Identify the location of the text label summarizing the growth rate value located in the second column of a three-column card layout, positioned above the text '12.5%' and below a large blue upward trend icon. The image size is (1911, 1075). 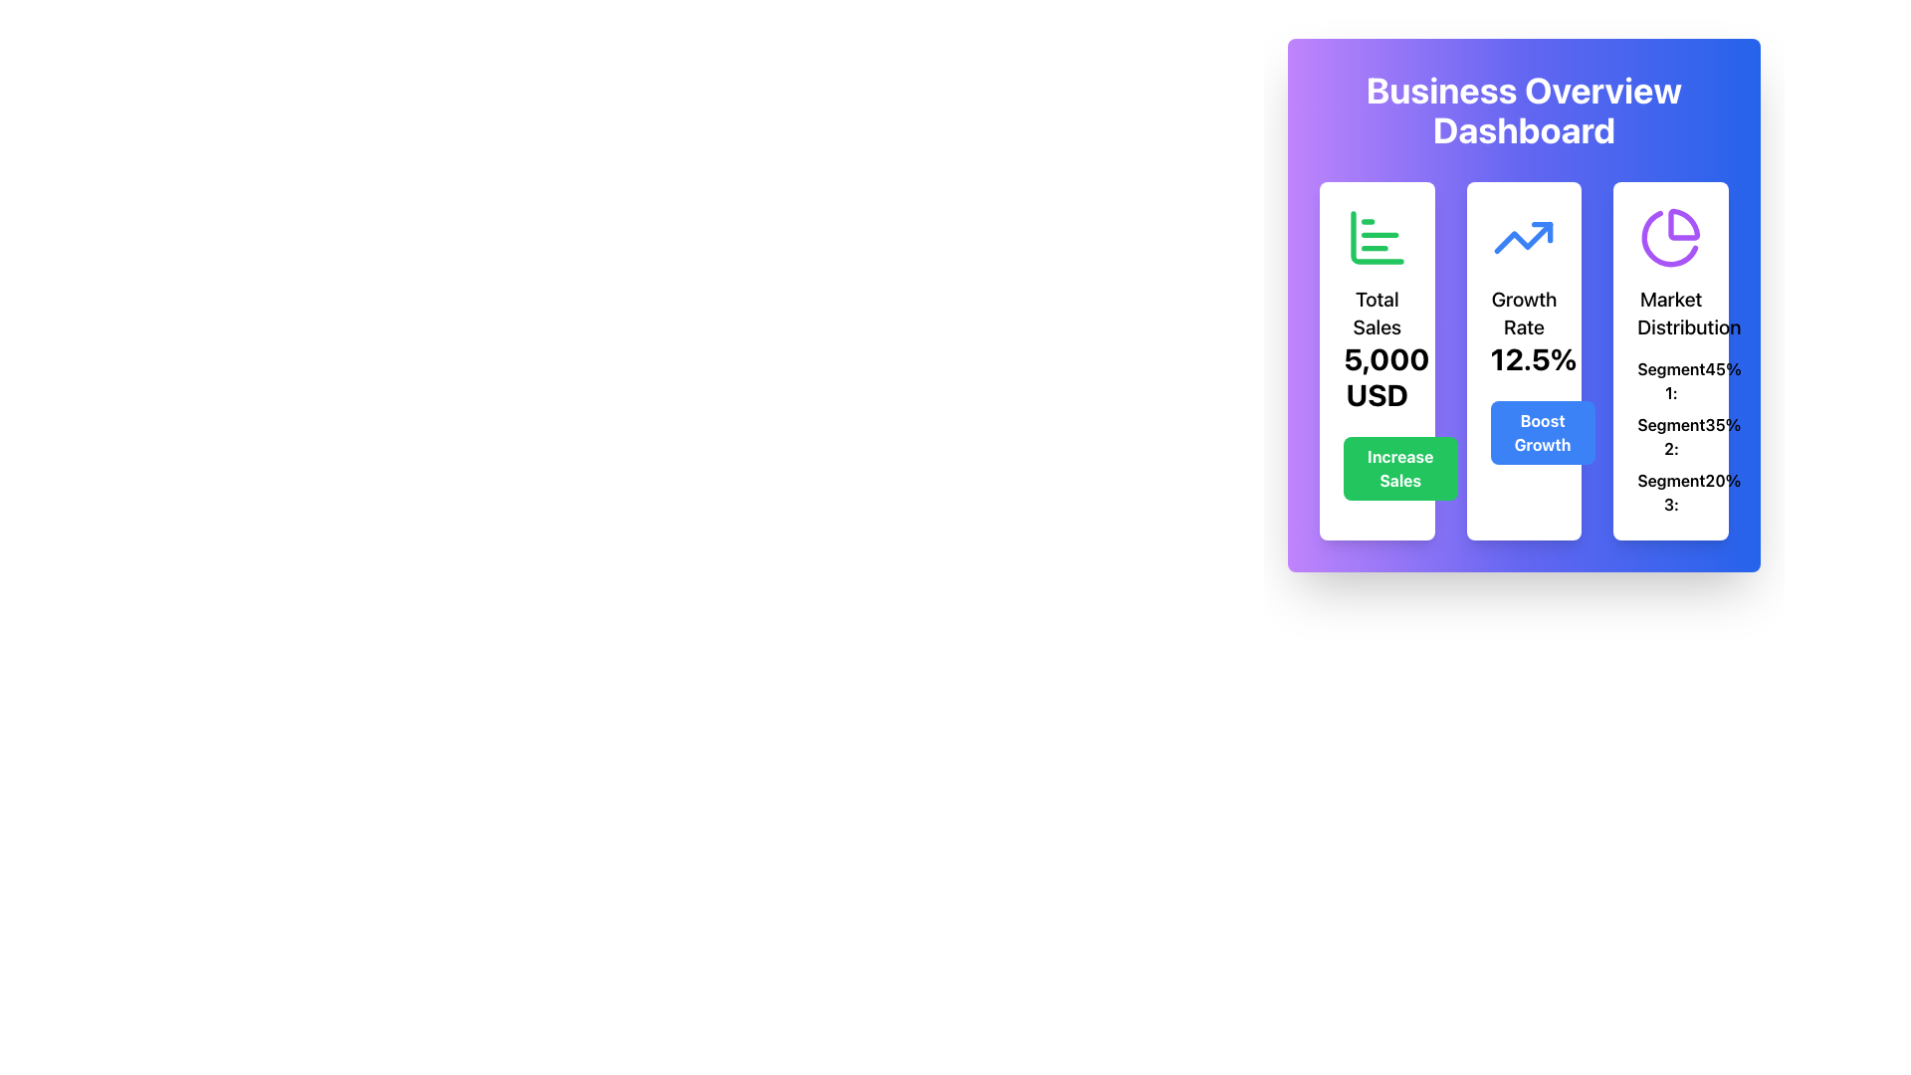
(1523, 314).